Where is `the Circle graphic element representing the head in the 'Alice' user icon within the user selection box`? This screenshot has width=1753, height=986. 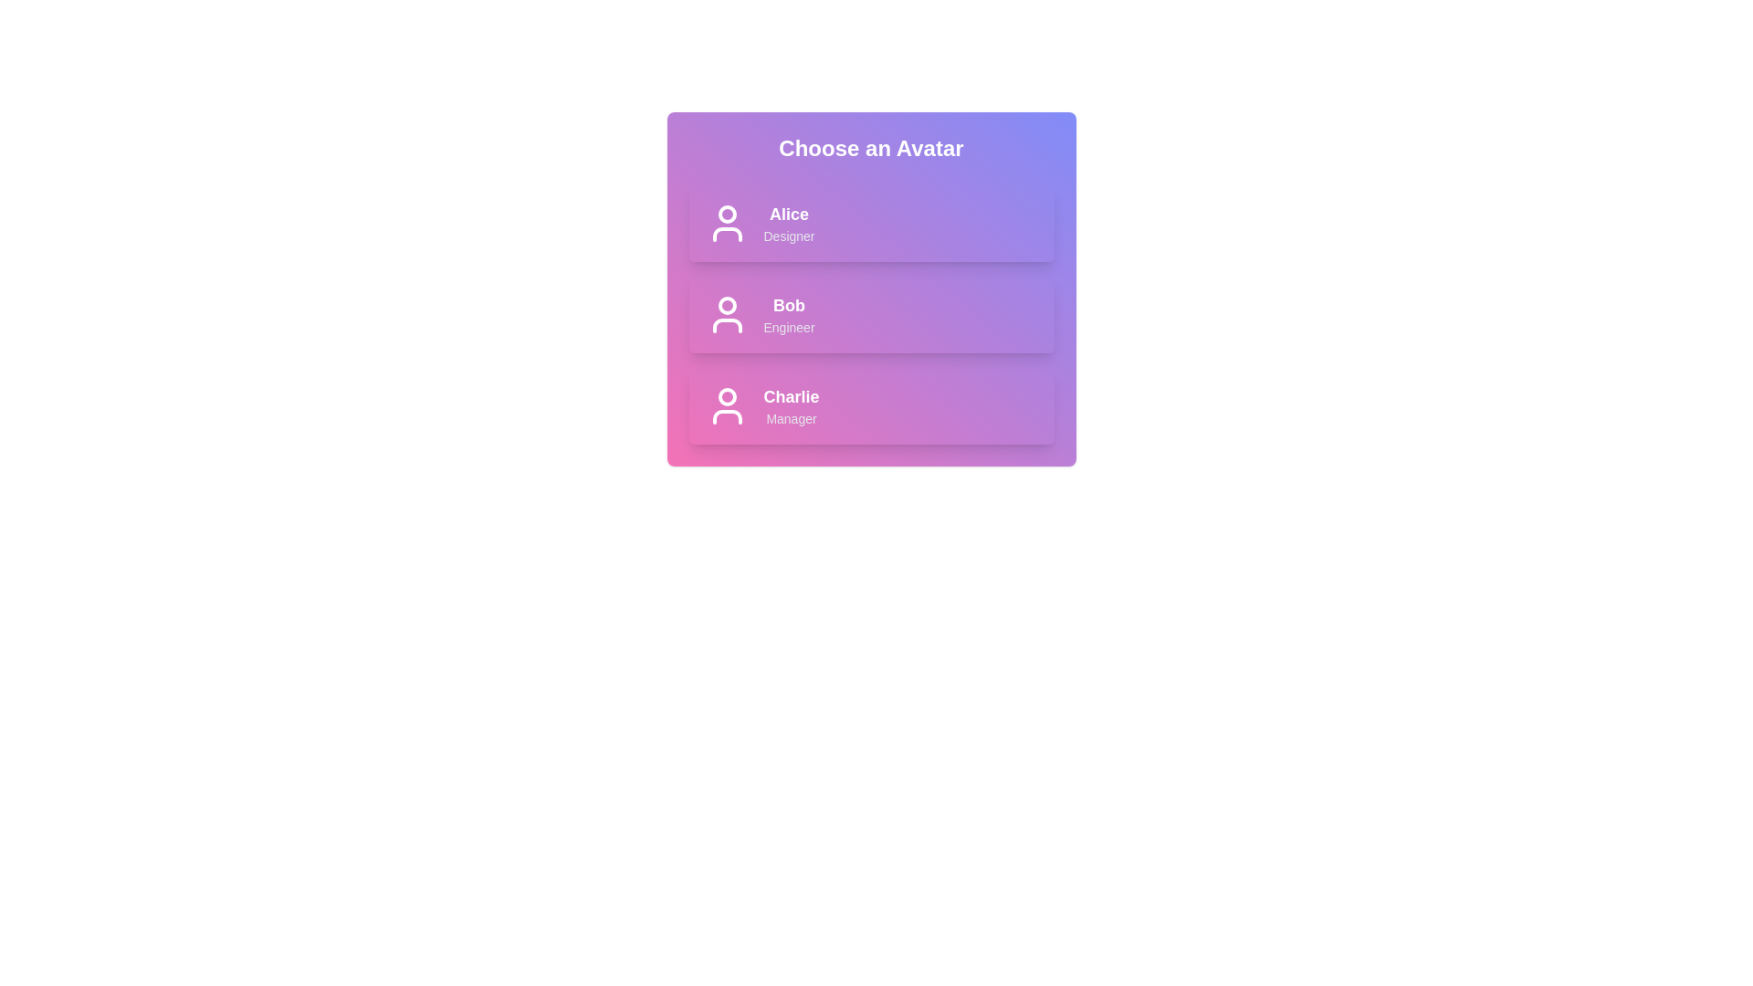 the Circle graphic element representing the head in the 'Alice' user icon within the user selection box is located at coordinates (726, 214).